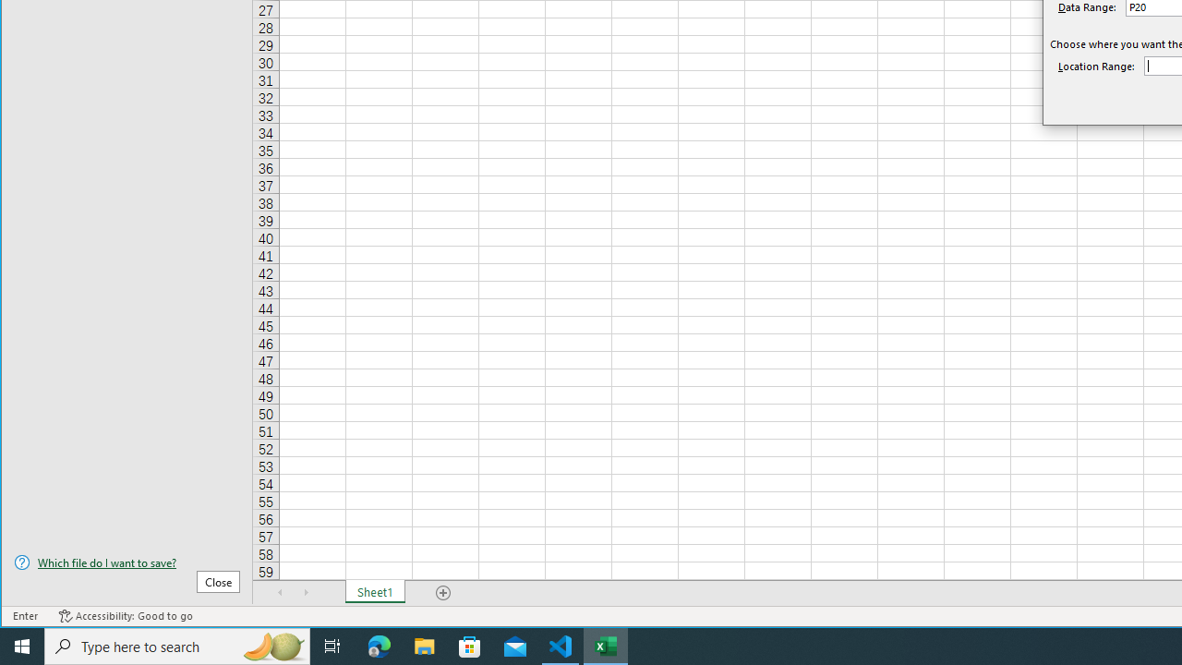 The height and width of the screenshot is (665, 1182). Describe the element at coordinates (379, 645) in the screenshot. I see `'Microsoft Edge'` at that location.